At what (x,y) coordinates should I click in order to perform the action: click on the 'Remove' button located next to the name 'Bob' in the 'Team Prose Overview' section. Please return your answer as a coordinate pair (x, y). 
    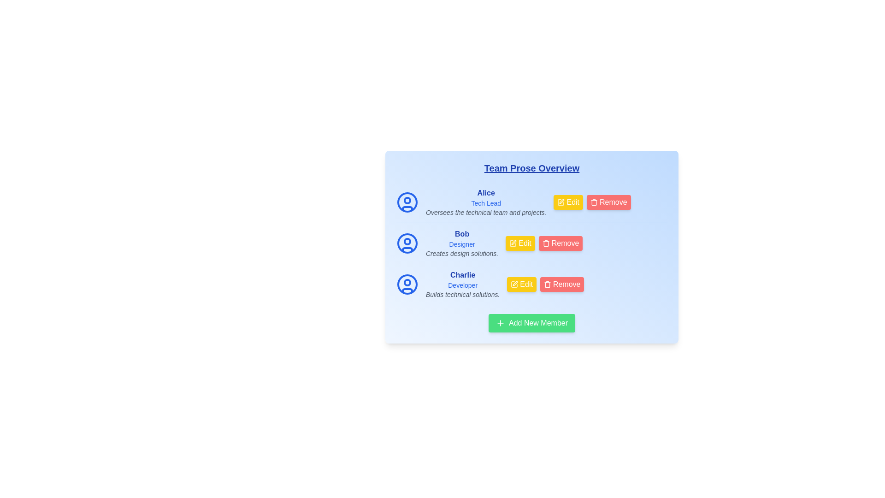
    Looking at the image, I should click on (564, 243).